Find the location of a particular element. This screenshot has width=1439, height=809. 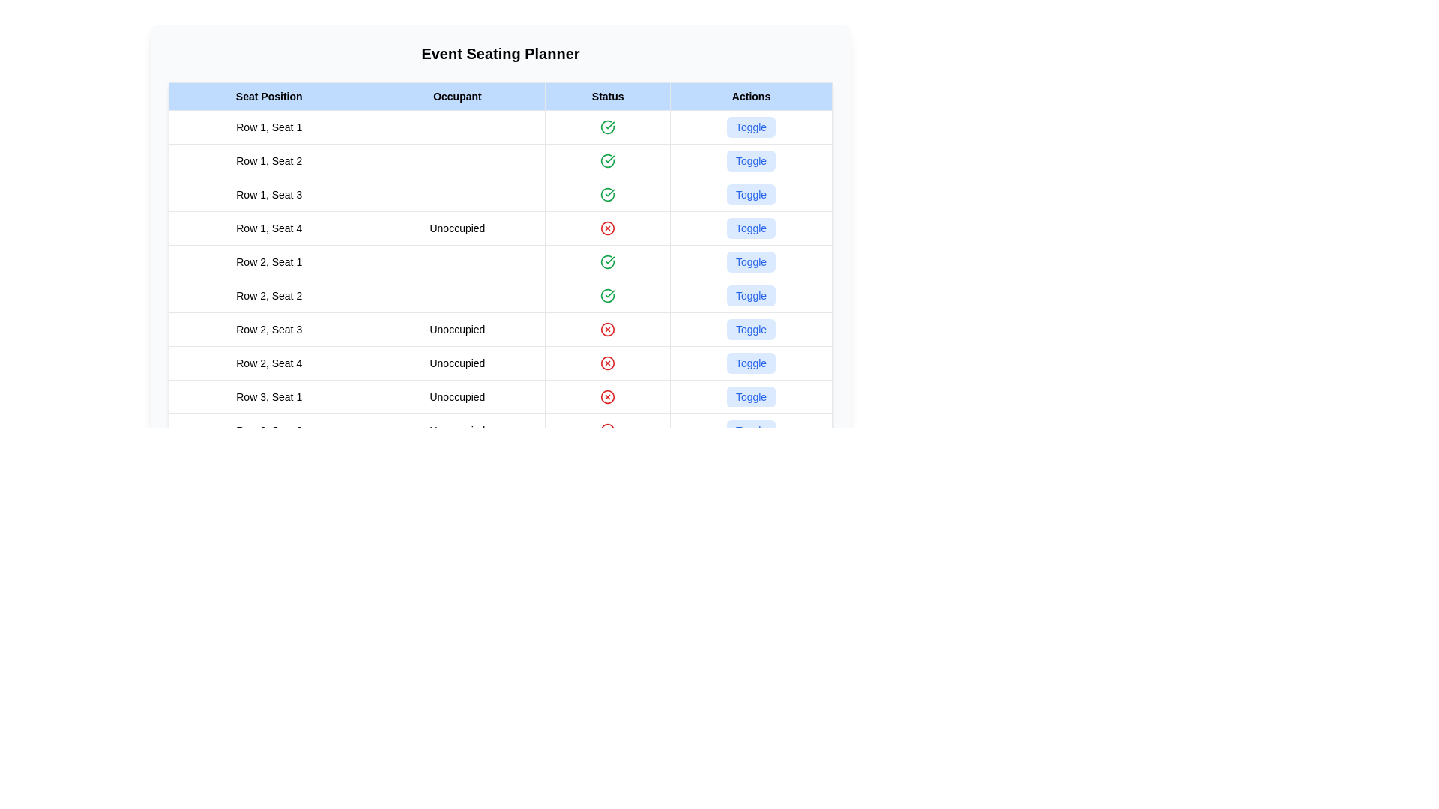

the 'Toggle' button with a blue background and rounded corners located in the last cell of 'Row 3, Seat 3' in the 'Actions' column is located at coordinates (751, 464).